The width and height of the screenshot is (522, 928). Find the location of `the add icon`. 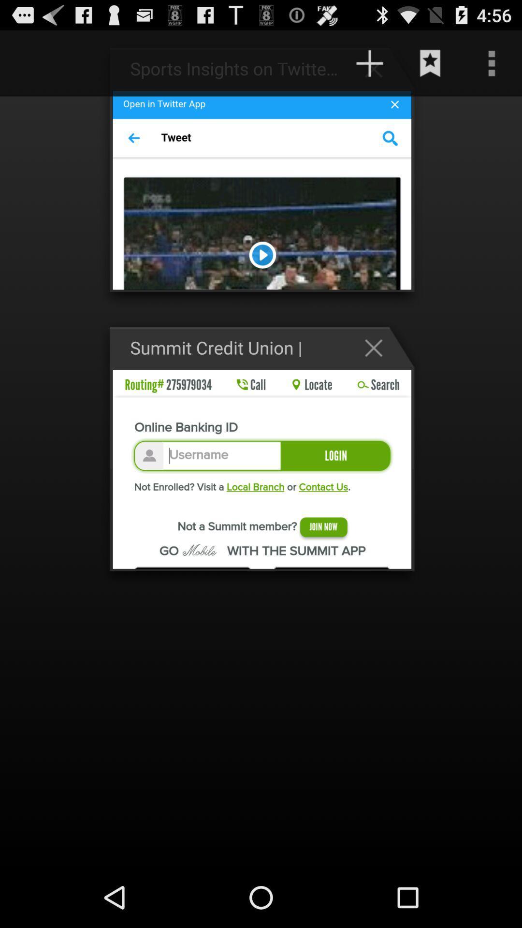

the add icon is located at coordinates (378, 72).